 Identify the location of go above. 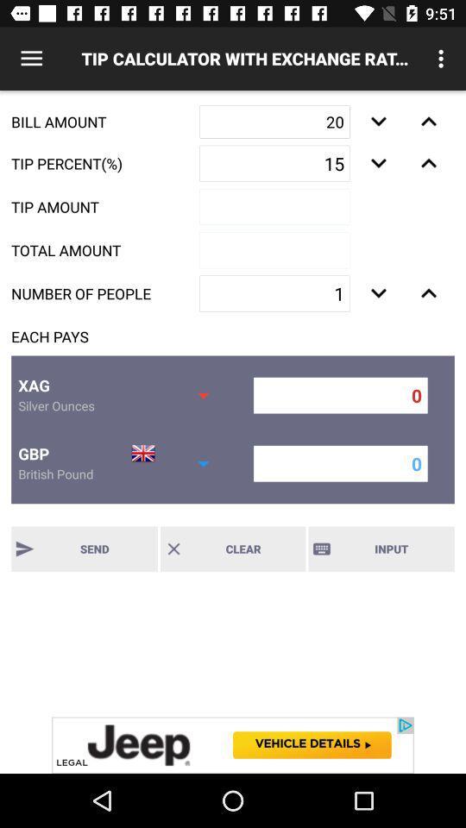
(428, 163).